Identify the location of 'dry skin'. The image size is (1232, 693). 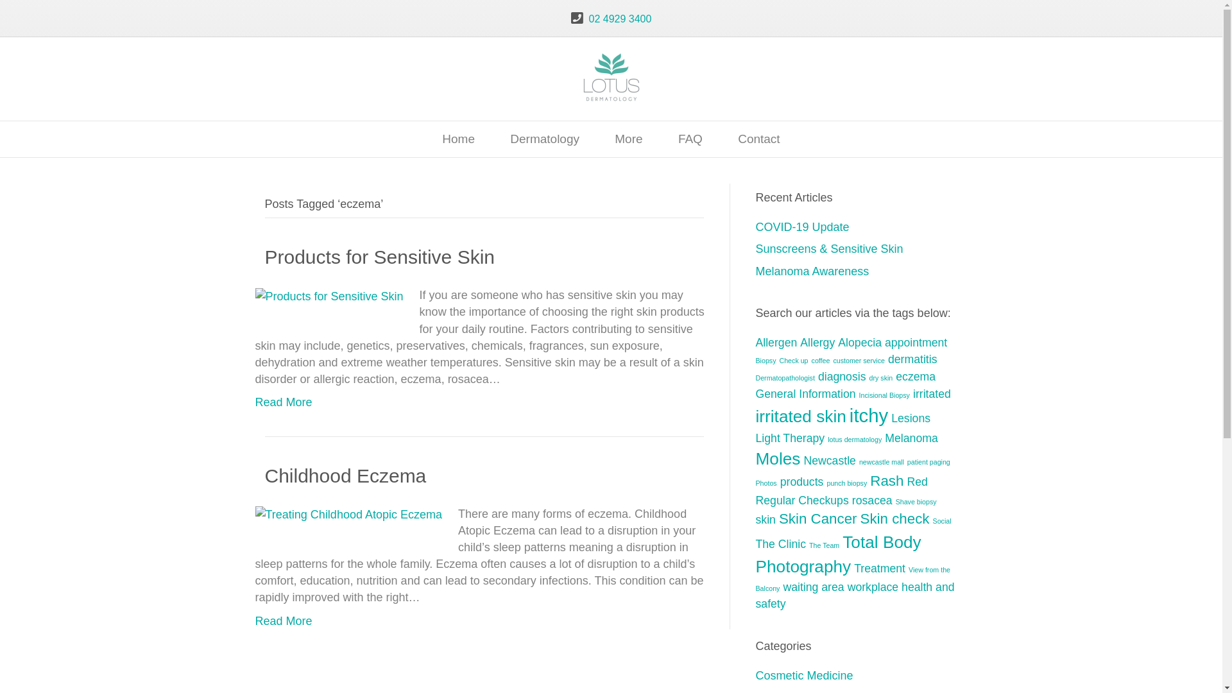
(869, 377).